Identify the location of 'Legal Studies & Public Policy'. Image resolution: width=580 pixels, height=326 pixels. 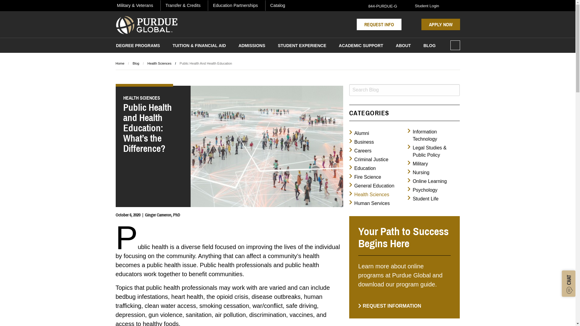
(433, 151).